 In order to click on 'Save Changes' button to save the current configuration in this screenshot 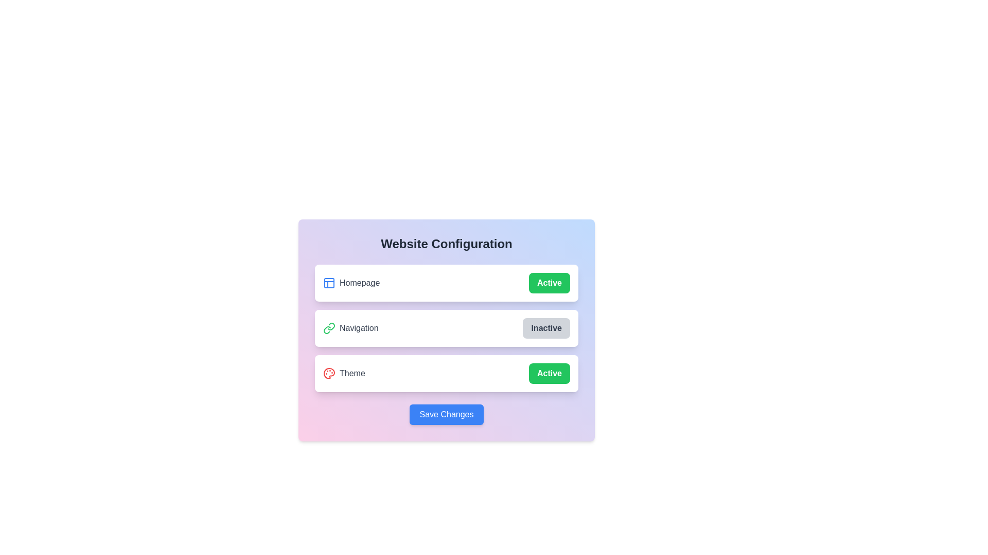, I will do `click(447, 414)`.